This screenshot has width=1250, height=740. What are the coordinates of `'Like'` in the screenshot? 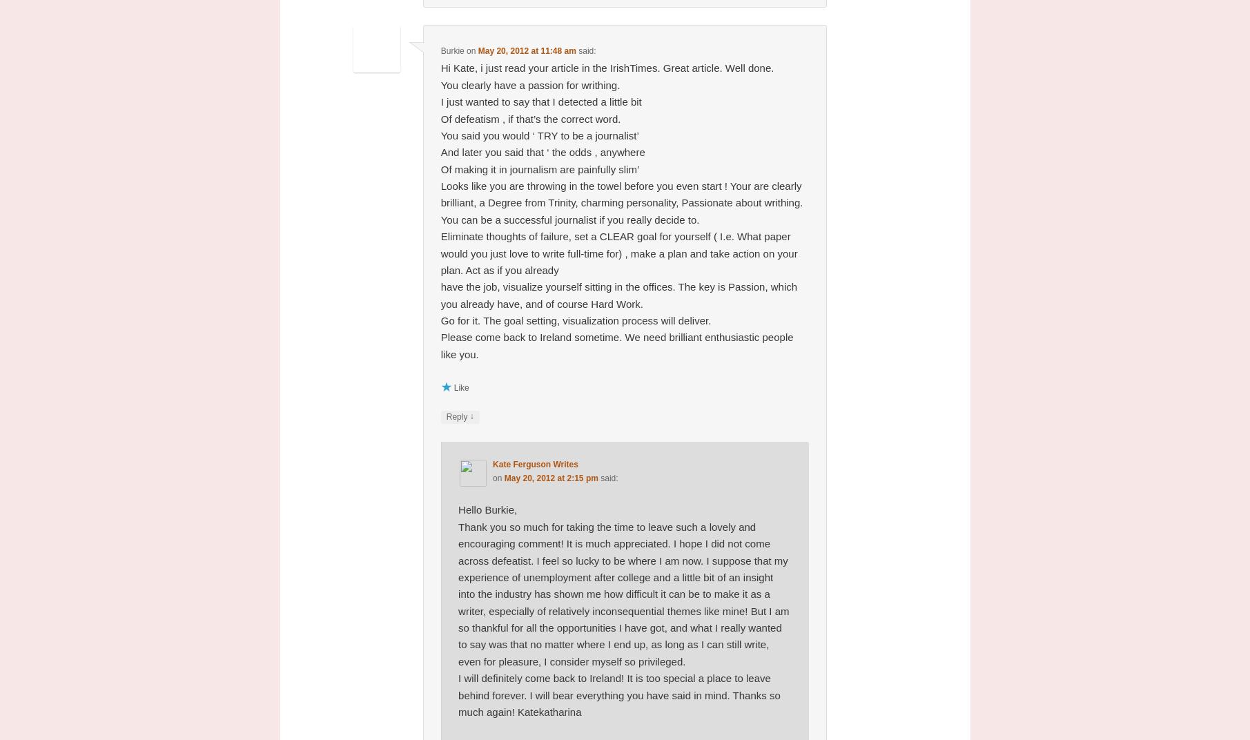 It's located at (453, 386).